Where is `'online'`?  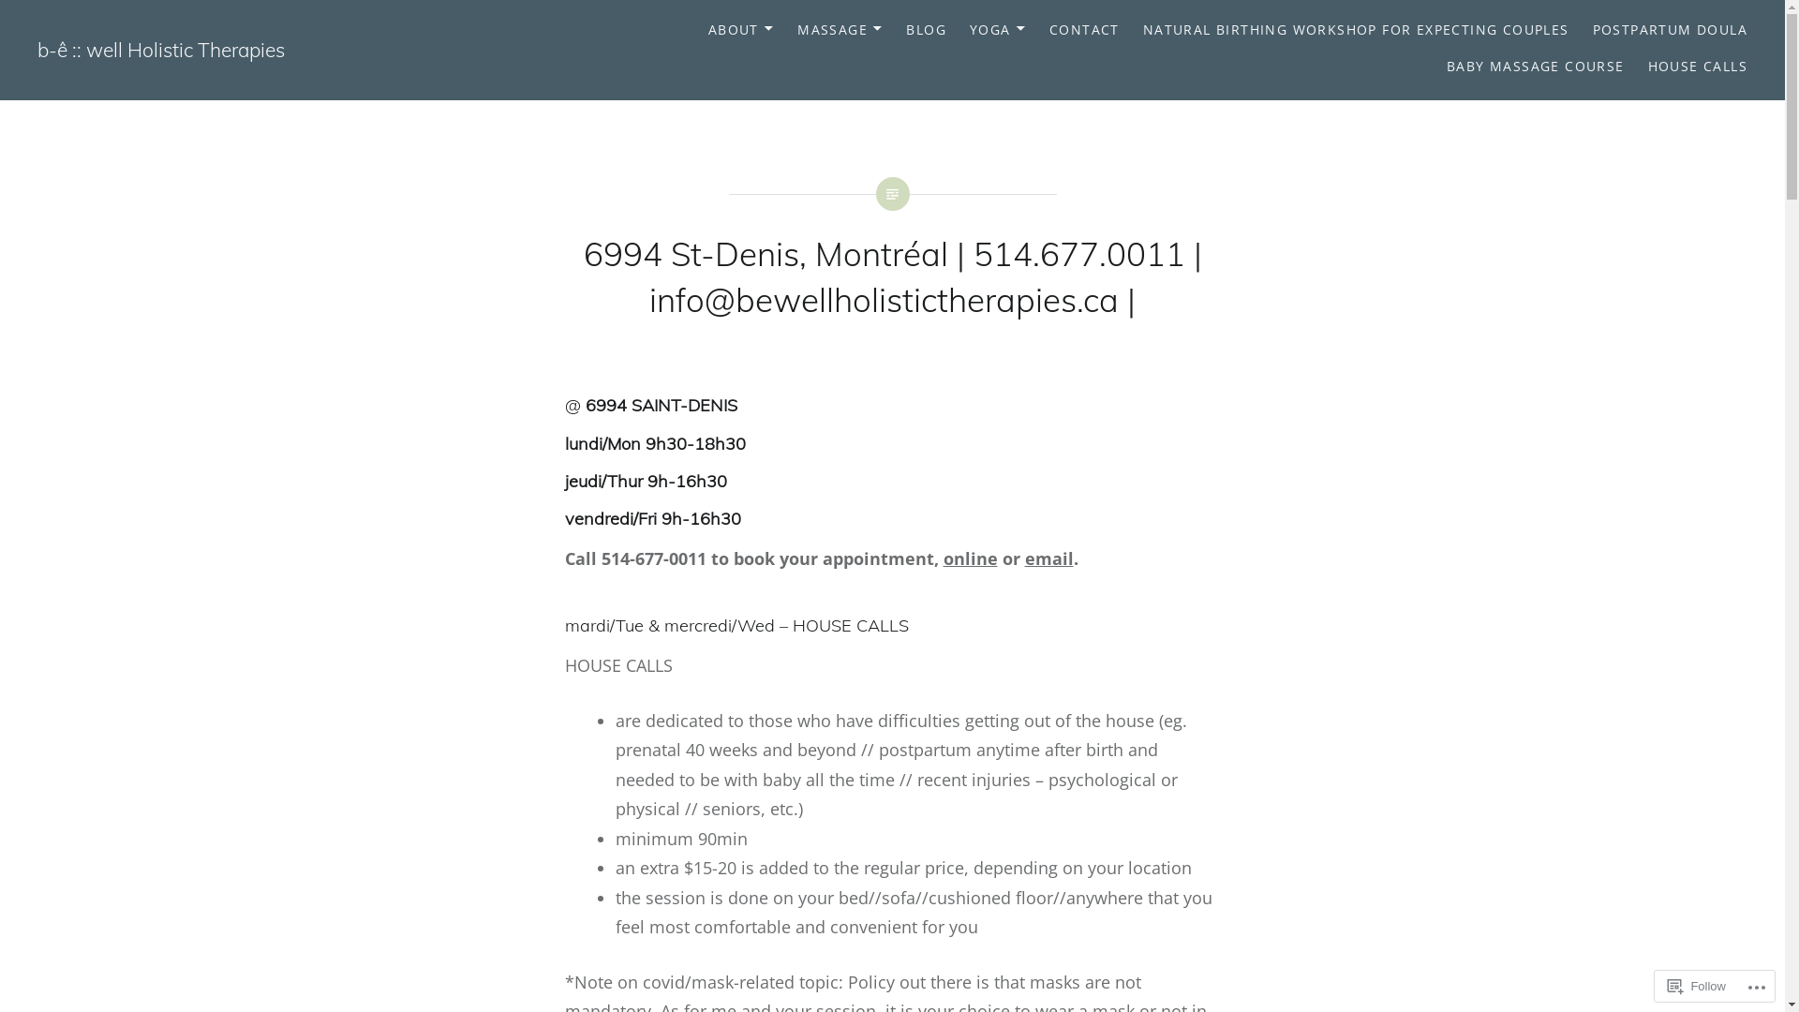
'online' is located at coordinates (970, 558).